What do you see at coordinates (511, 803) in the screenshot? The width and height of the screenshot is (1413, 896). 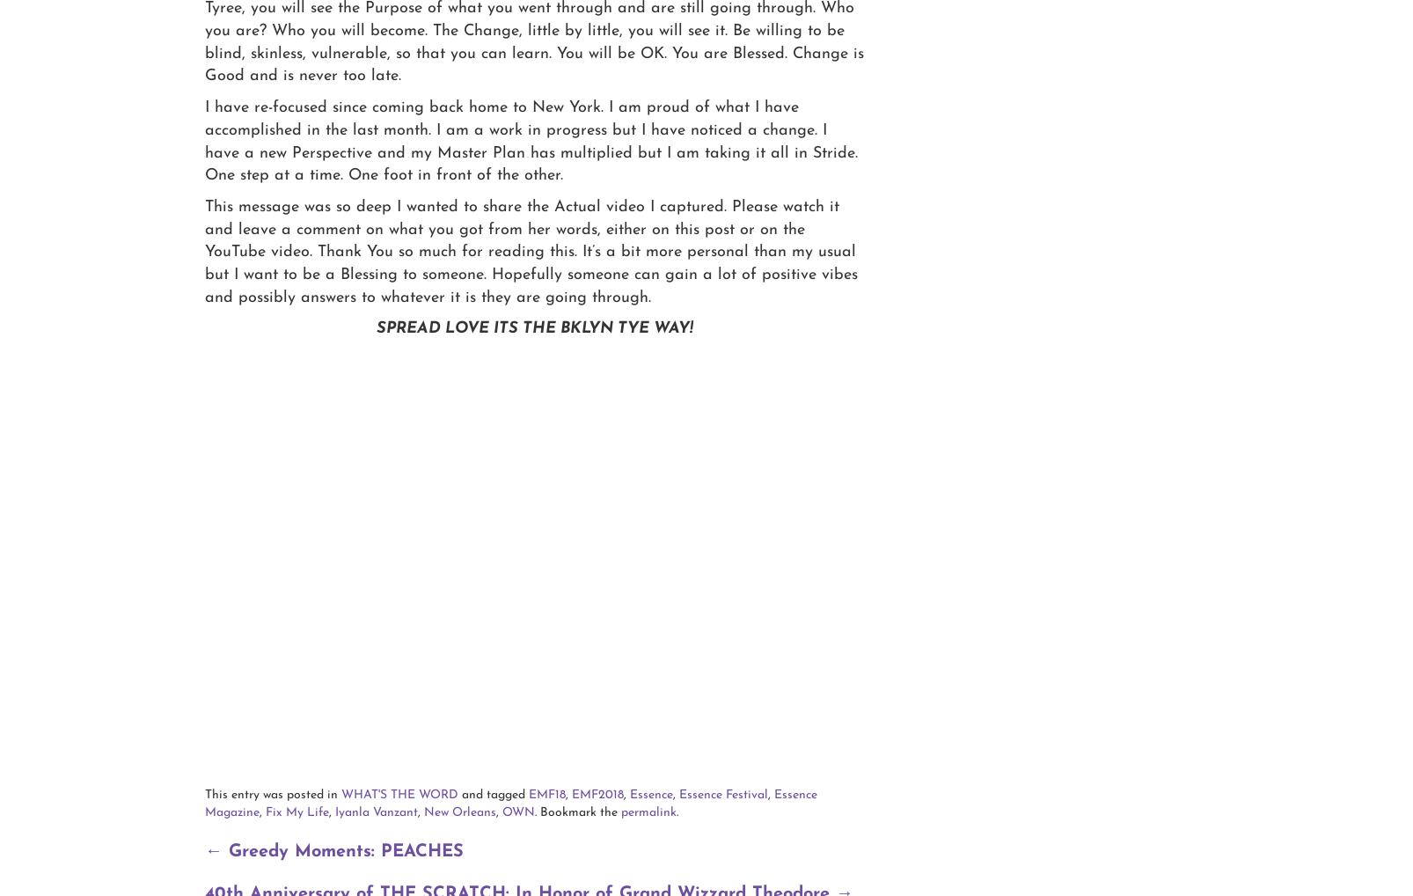 I see `'Essence Magazine'` at bounding box center [511, 803].